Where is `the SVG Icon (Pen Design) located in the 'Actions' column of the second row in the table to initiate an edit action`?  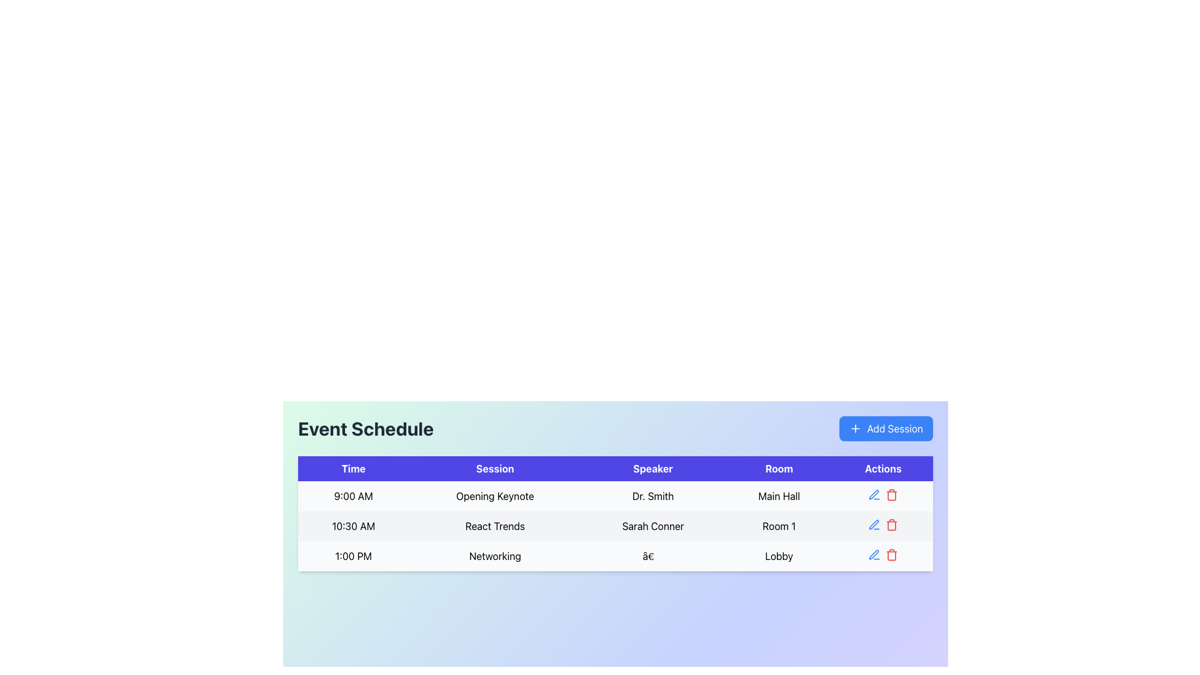
the SVG Icon (Pen Design) located in the 'Actions' column of the second row in the table to initiate an edit action is located at coordinates (873, 494).